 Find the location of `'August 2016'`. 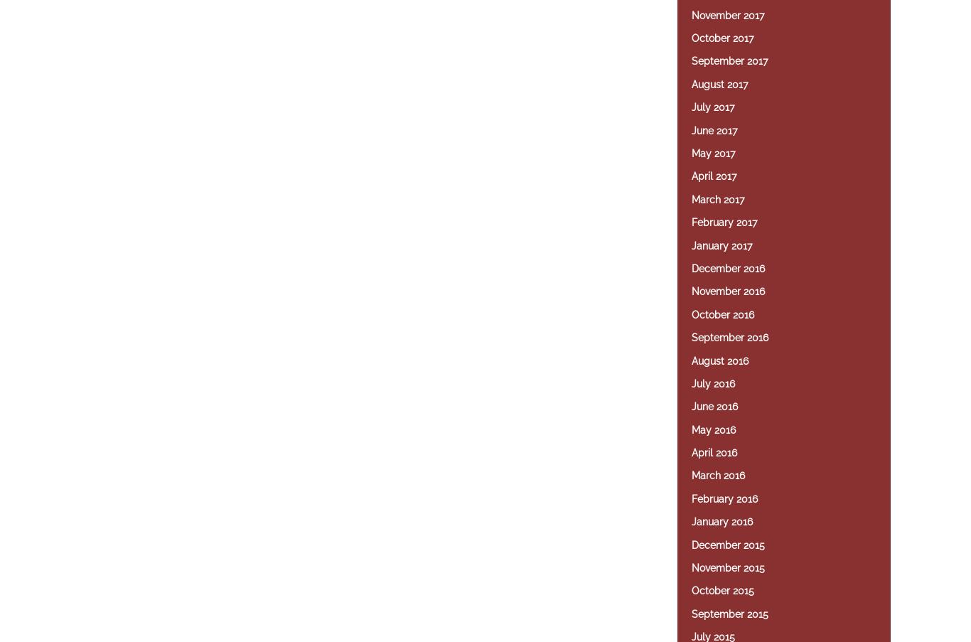

'August 2016' is located at coordinates (692, 360).